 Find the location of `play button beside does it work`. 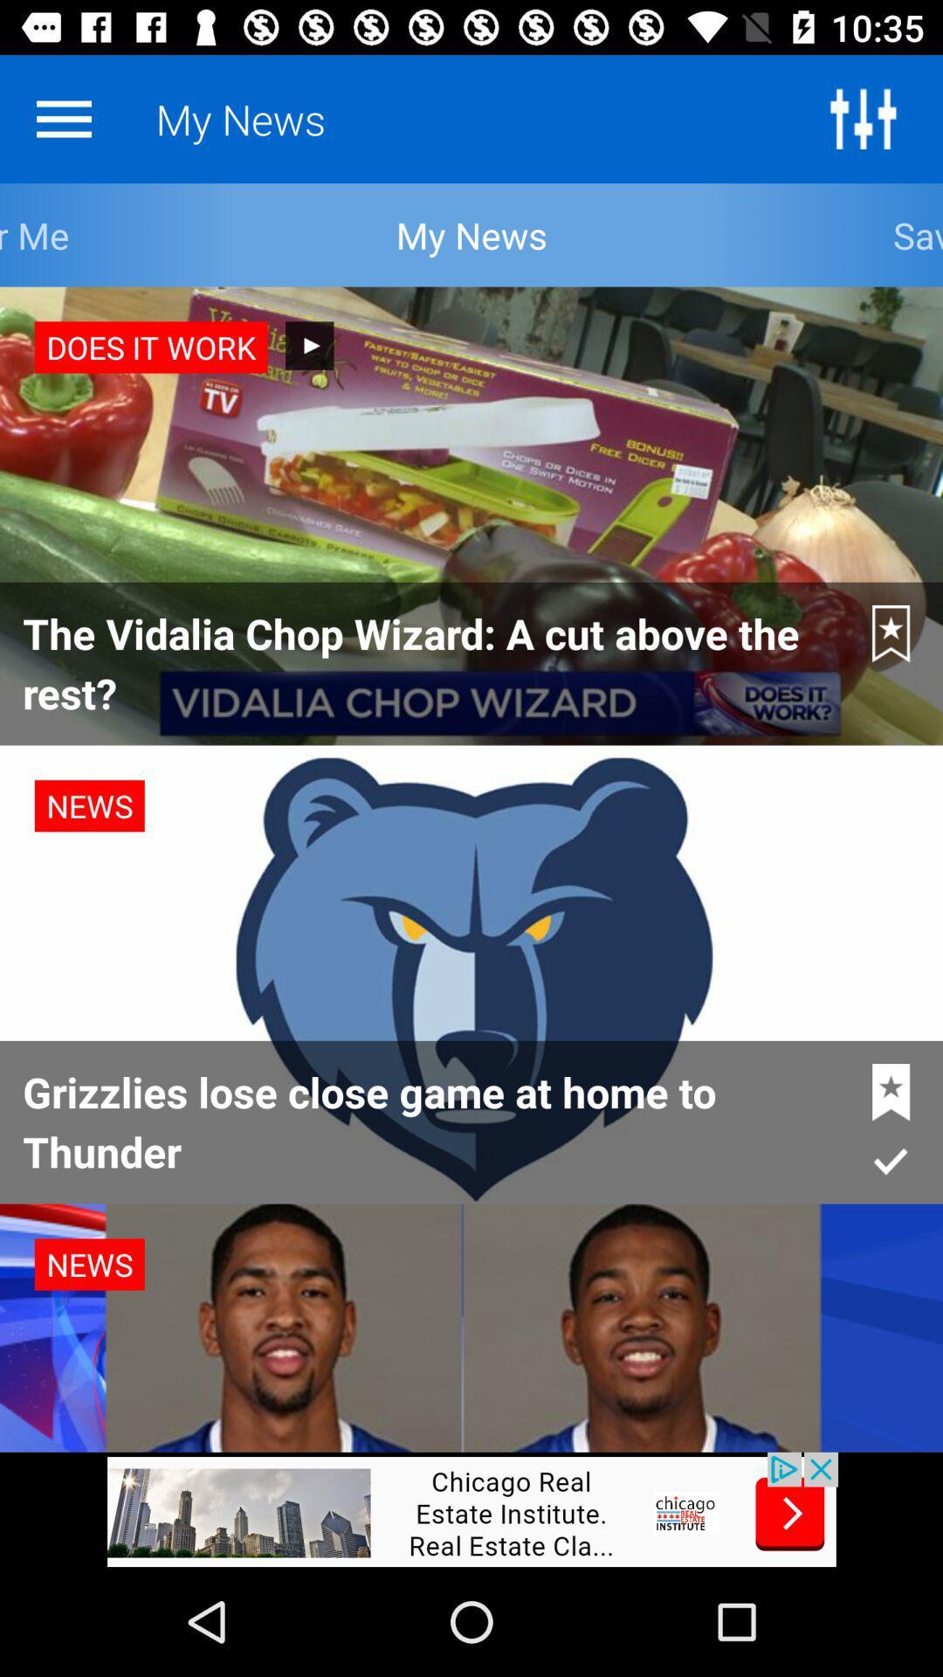

play button beside does it work is located at coordinates (308, 345).